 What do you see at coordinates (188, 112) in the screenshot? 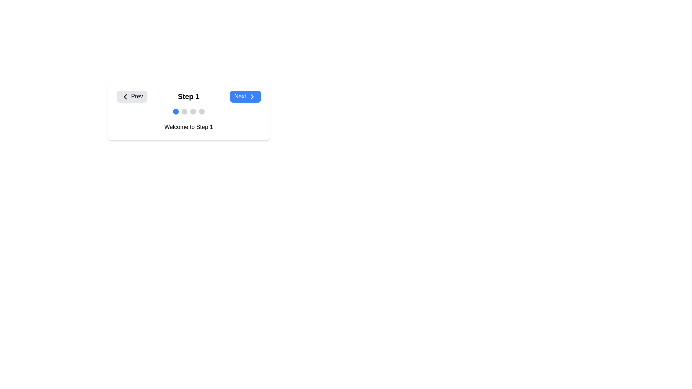
I see `the Step indicator, which consists of four circular indicators with the first filled in blue and the others gray, located below the text 'Step 1'` at bounding box center [188, 112].